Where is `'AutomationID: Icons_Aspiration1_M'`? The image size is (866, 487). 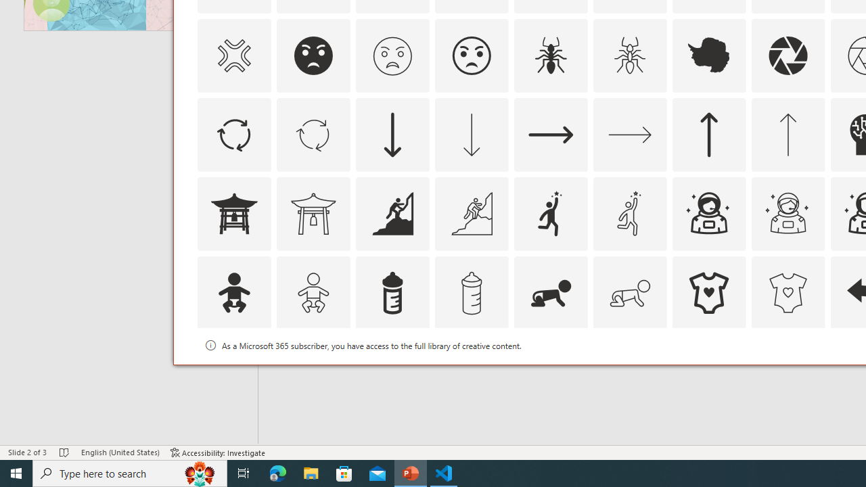 'AutomationID: Icons_Aspiration1_M' is located at coordinates (629, 213).